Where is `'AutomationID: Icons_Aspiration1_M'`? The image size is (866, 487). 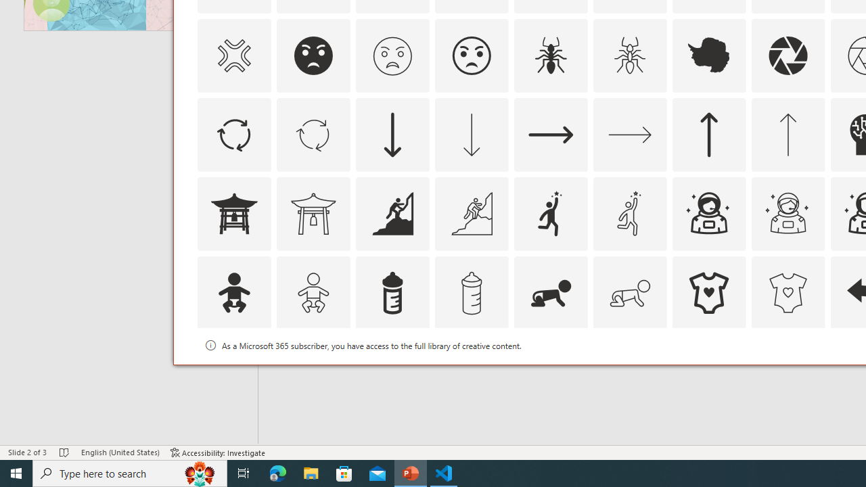 'AutomationID: Icons_Aspiration1_M' is located at coordinates (629, 213).